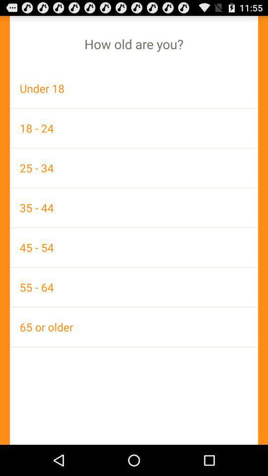  What do you see at coordinates (134, 207) in the screenshot?
I see `icon below 25 - 34 app` at bounding box center [134, 207].